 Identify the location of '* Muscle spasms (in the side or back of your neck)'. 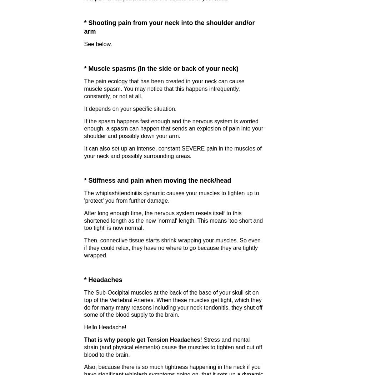
(161, 68).